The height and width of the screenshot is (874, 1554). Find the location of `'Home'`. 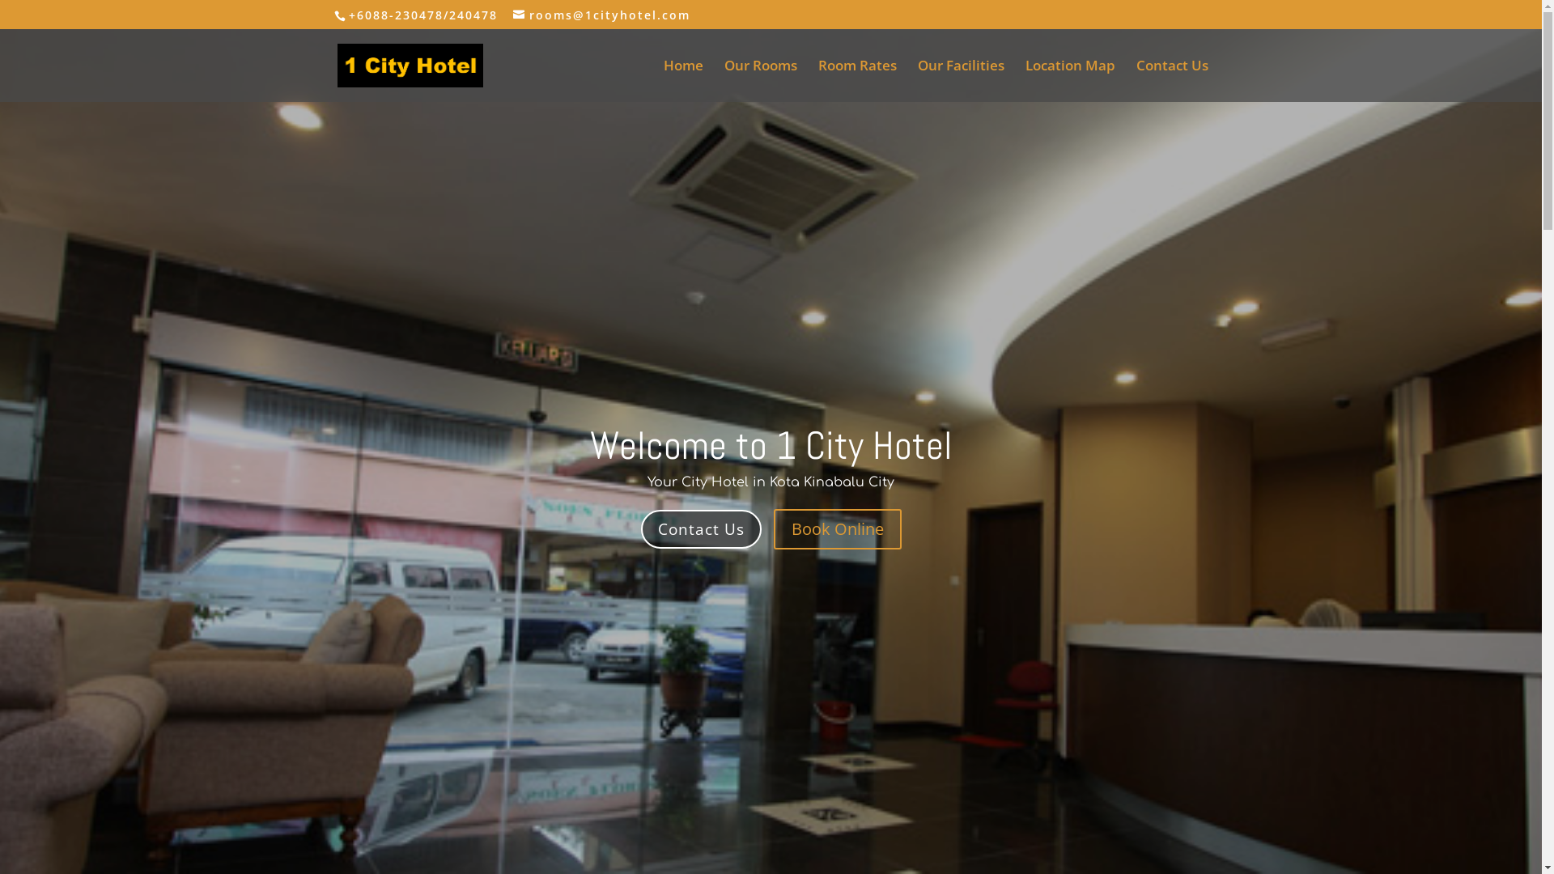

'Home' is located at coordinates (664, 81).